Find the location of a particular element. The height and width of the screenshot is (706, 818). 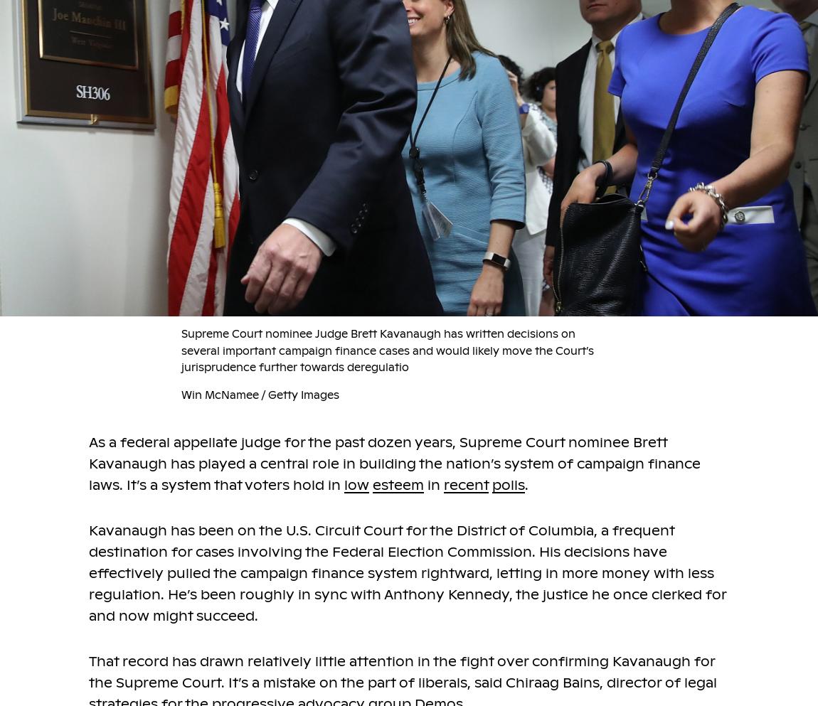

'Kavanaugh has been on the U.S. Circuit Court for the District of Columbia, a frequent destination for cases involving the Federal Election Commission. His decisions have effectively pulled the campaign finance system rightward, letting in more money with less regulation. He’s been roughly in sync with Anthony Kennedy, the justice he once clerked for and now might succeed.' is located at coordinates (408, 573).